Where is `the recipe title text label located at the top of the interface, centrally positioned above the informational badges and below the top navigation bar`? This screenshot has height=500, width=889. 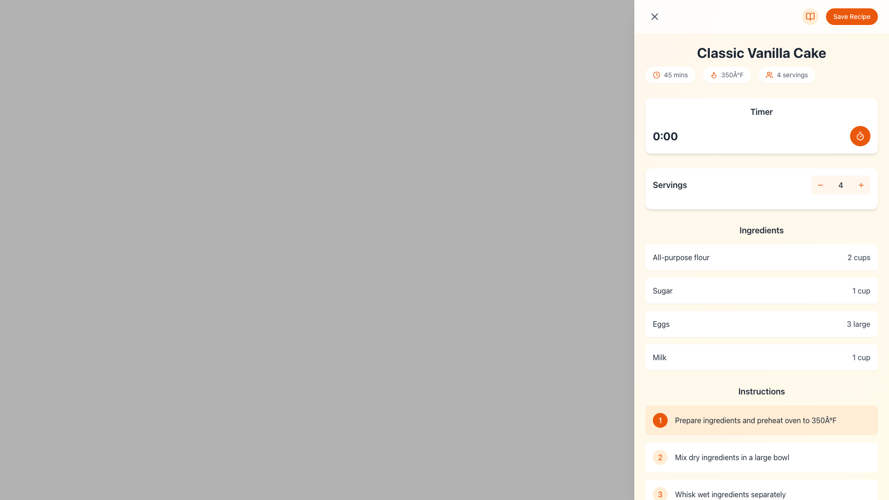 the recipe title text label located at the top of the interface, centrally positioned above the informational badges and below the top navigation bar is located at coordinates (762, 53).